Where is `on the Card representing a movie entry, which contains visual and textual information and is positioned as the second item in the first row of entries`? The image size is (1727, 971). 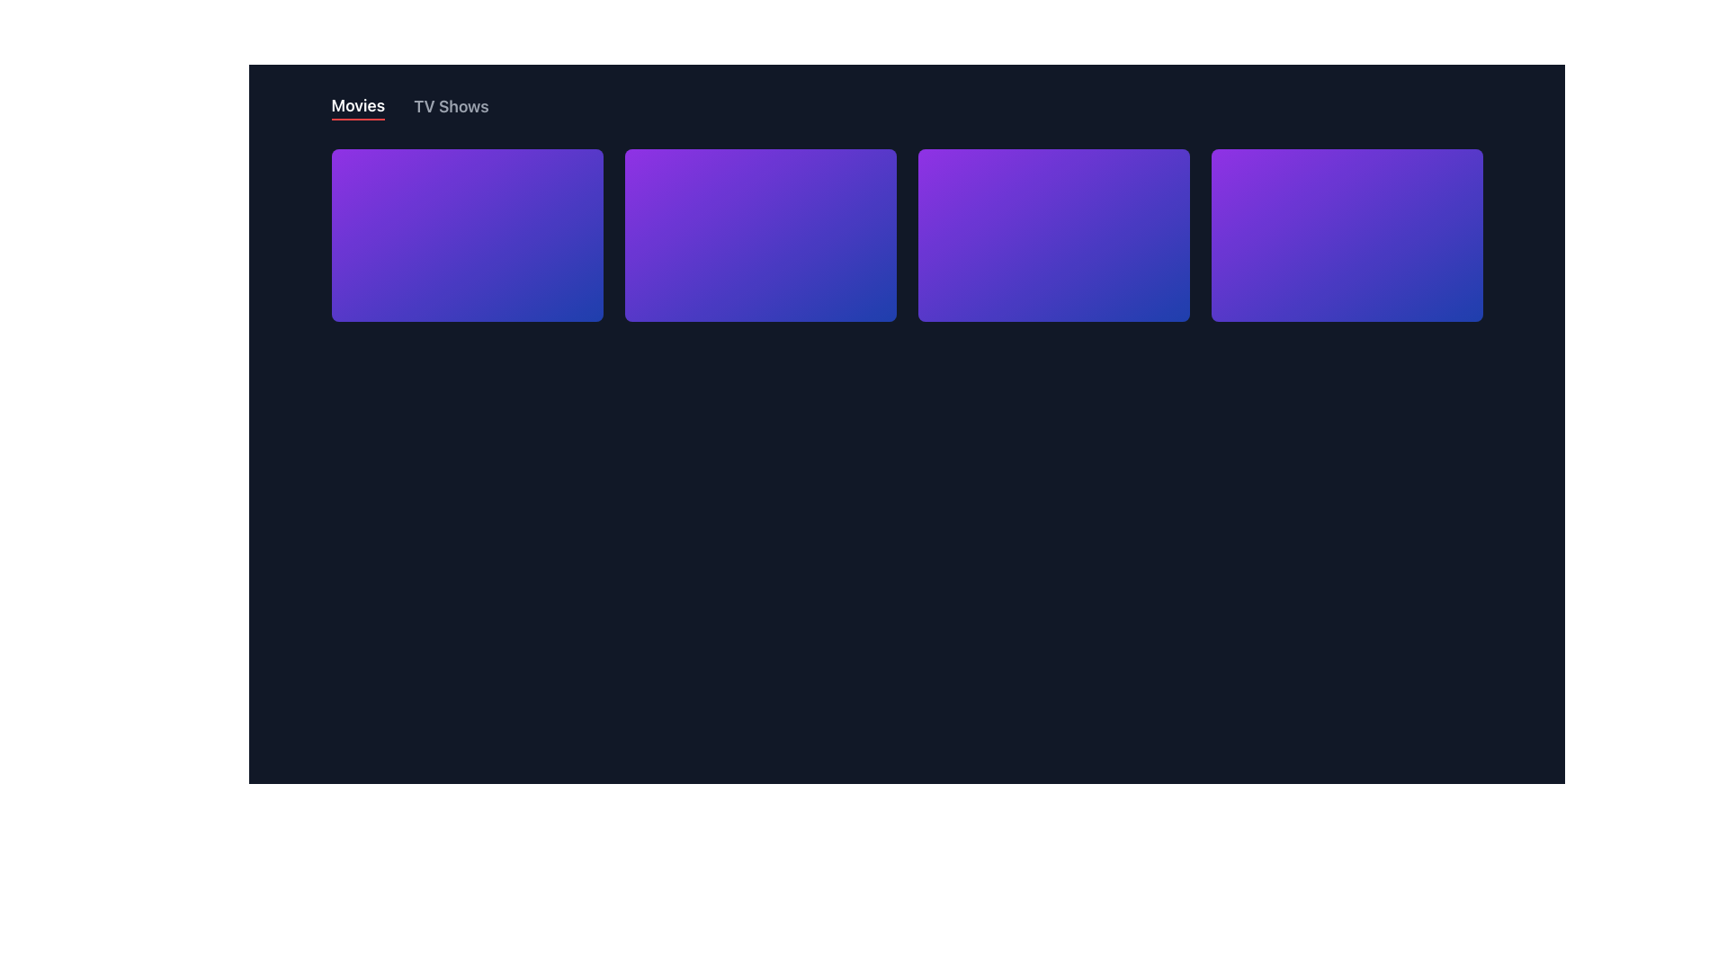
on the Card representing a movie entry, which contains visual and textual information and is positioned as the second item in the first row of entries is located at coordinates (760, 263).